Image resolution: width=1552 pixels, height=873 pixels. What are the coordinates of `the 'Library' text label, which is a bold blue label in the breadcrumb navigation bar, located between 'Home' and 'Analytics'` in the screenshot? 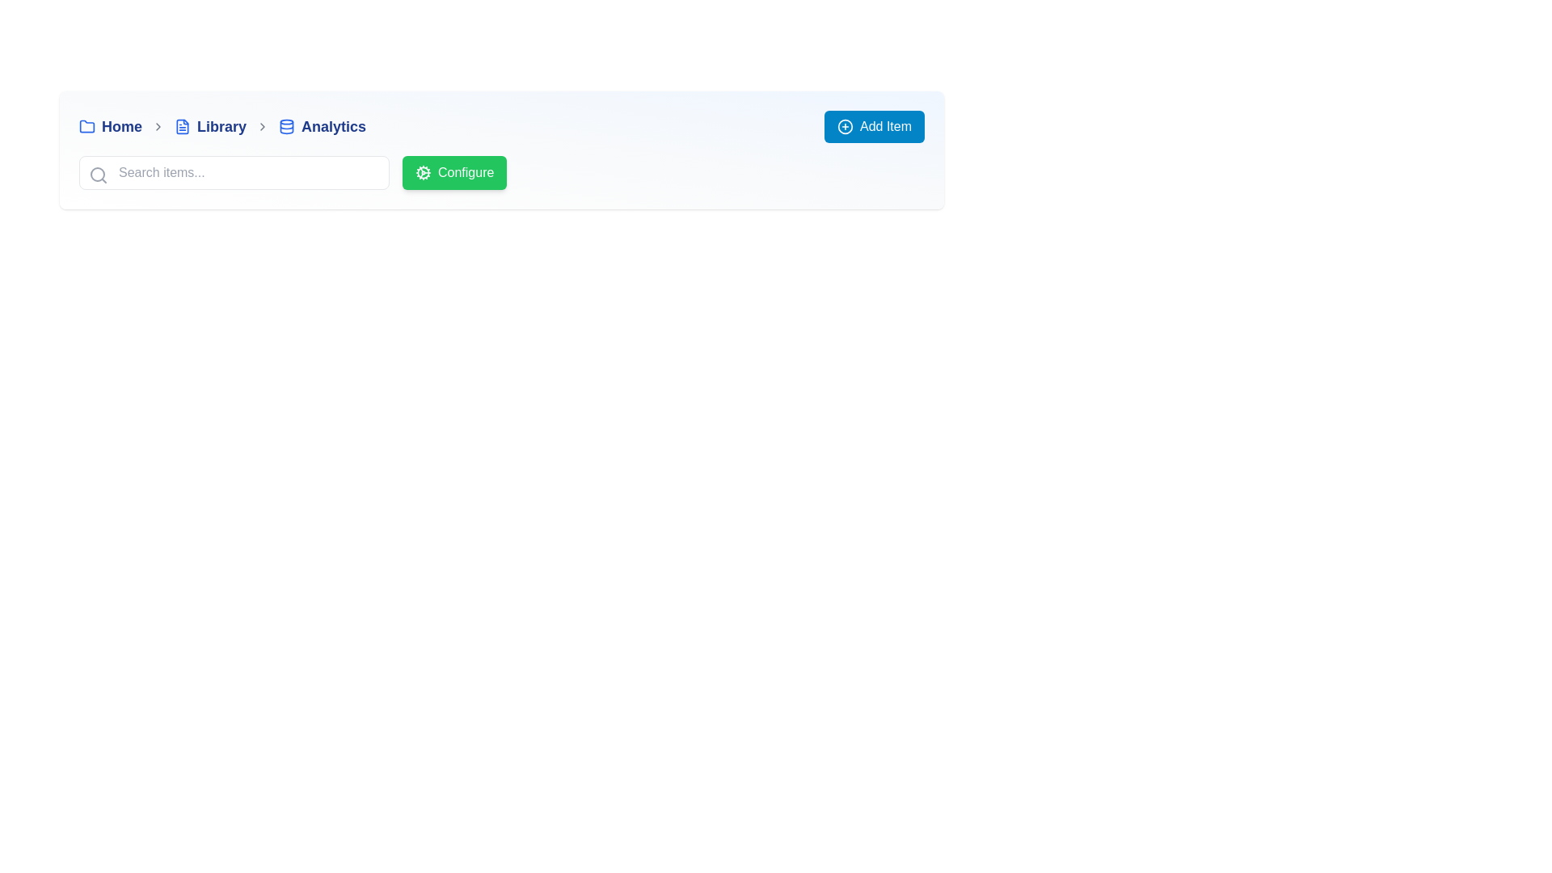 It's located at (221, 126).